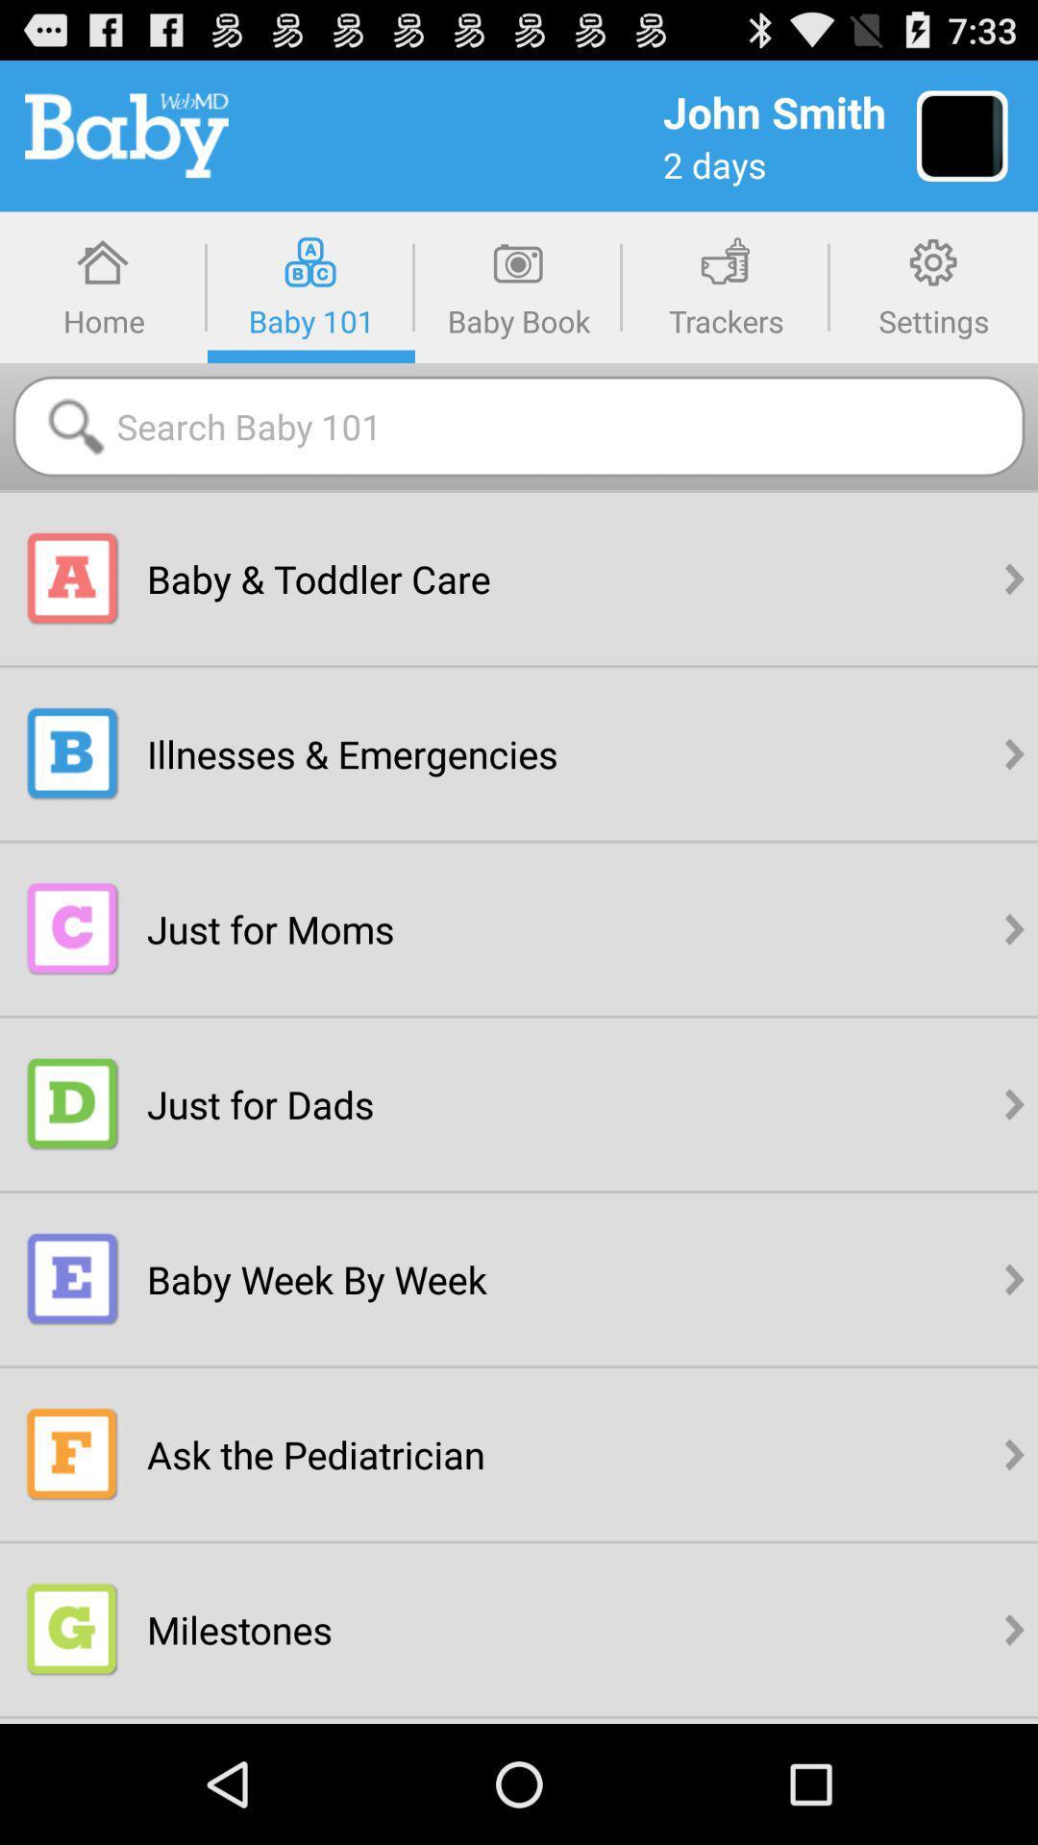 This screenshot has height=1845, width=1038. I want to click on the option g that says milestones, so click(72, 1628).